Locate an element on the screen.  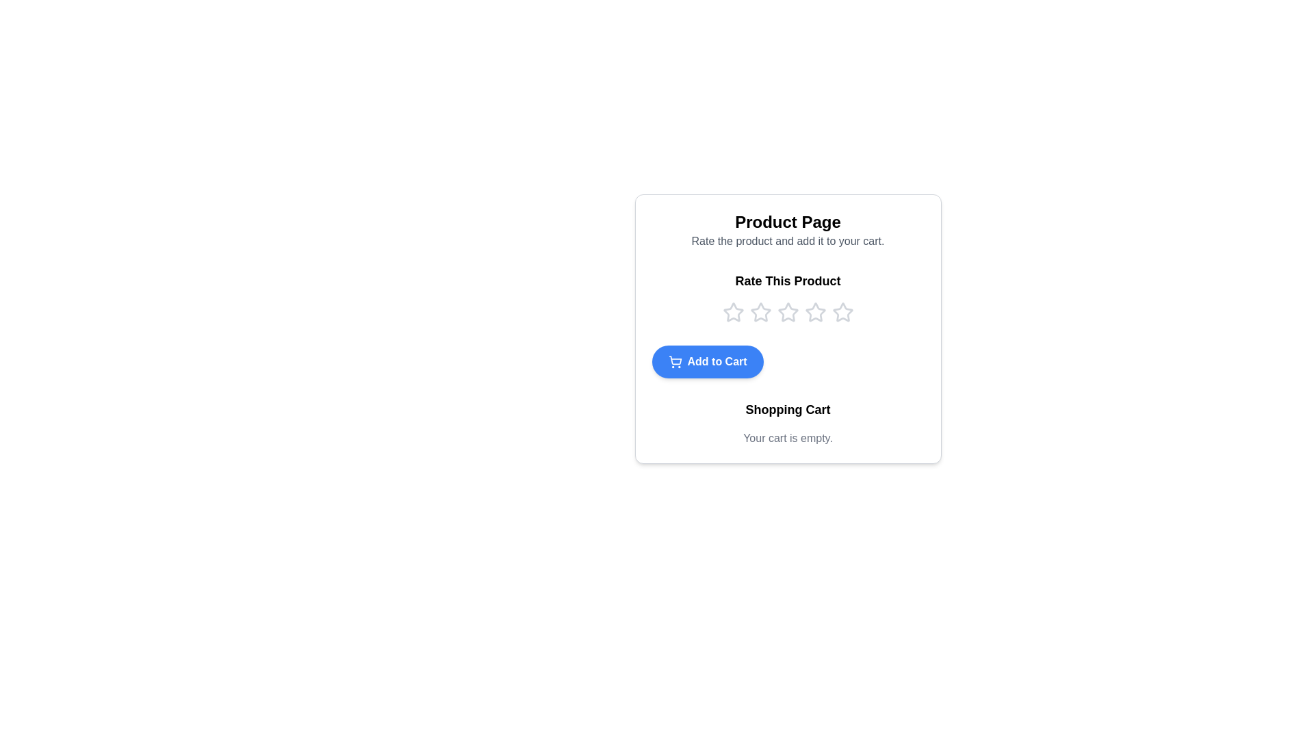
the horizontal star rating system located under the 'Rate This Product' section on the 'Product Page' is located at coordinates (788, 312).